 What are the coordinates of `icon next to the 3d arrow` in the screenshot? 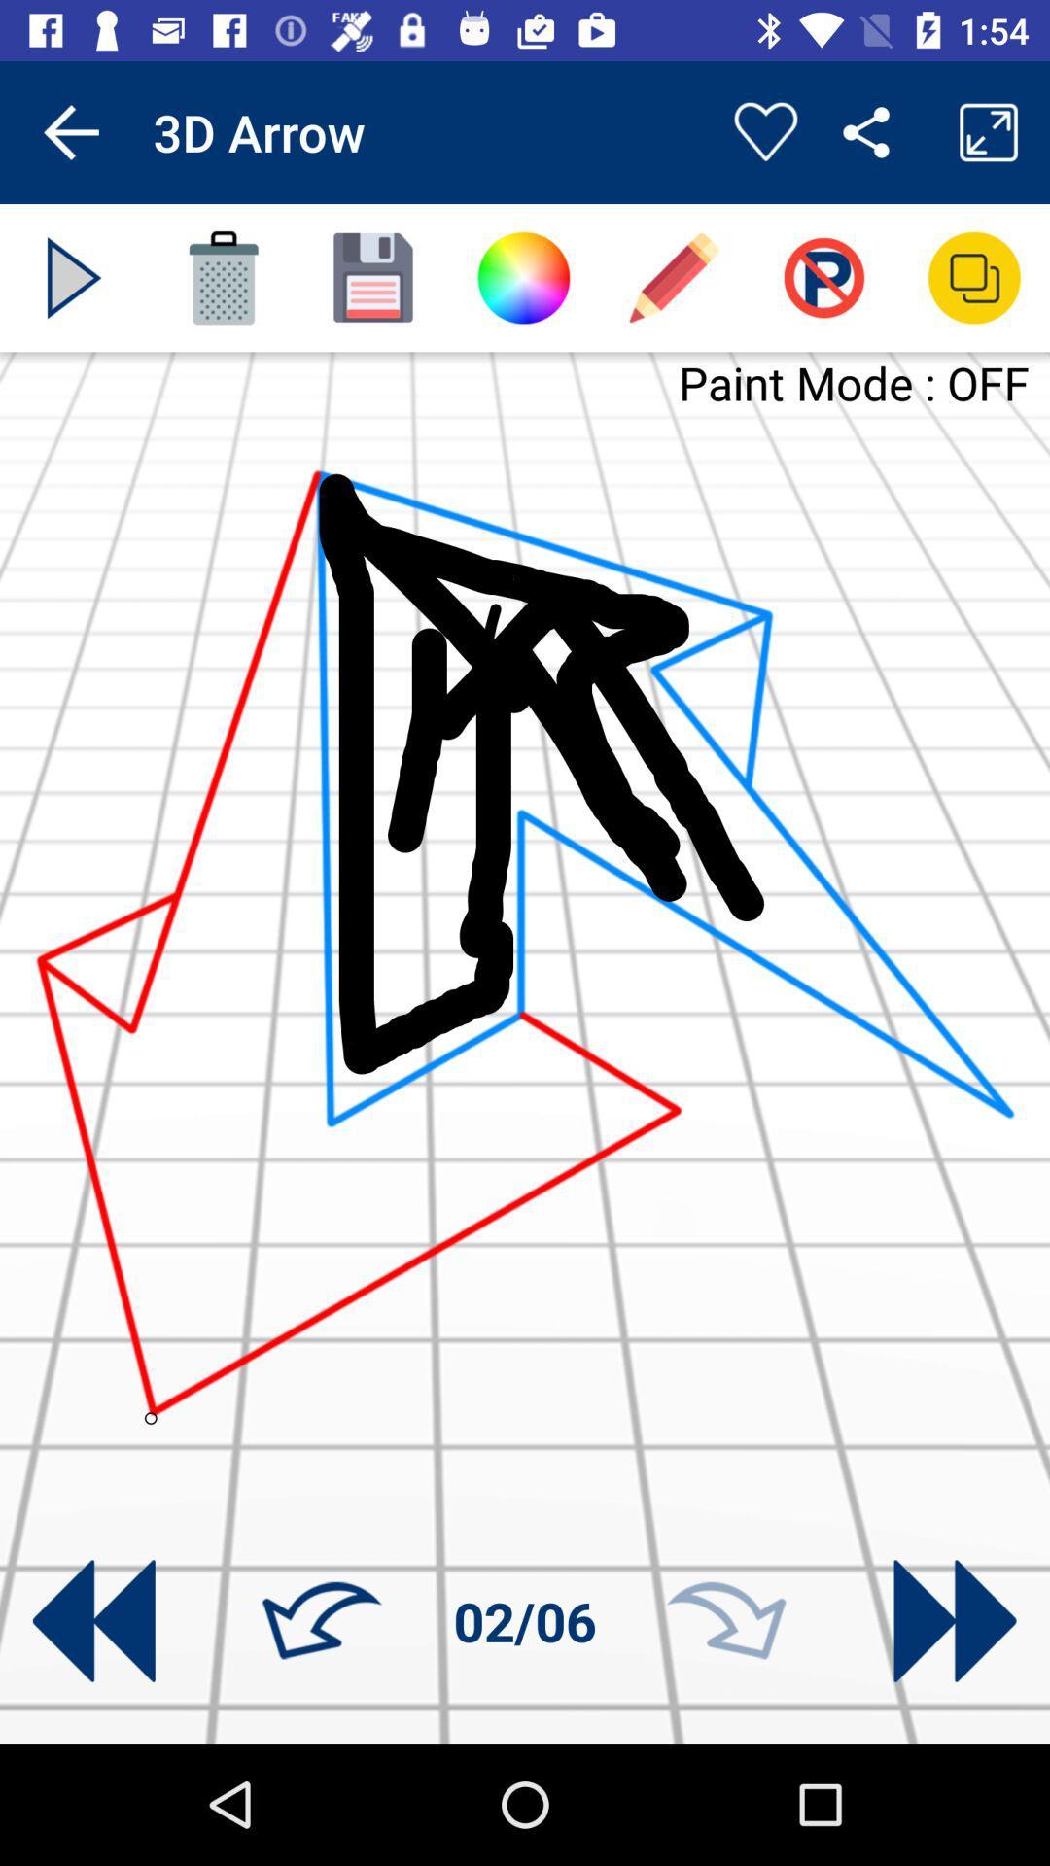 It's located at (764, 131).